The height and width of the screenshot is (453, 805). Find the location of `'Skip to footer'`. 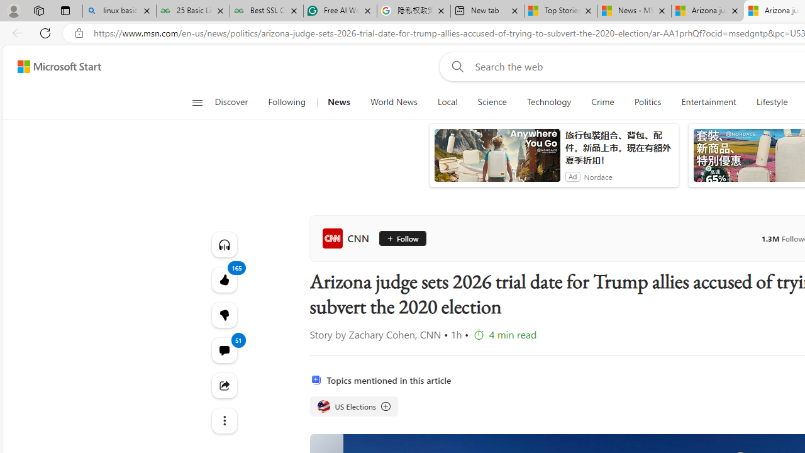

'Skip to footer' is located at coordinates (51, 66).